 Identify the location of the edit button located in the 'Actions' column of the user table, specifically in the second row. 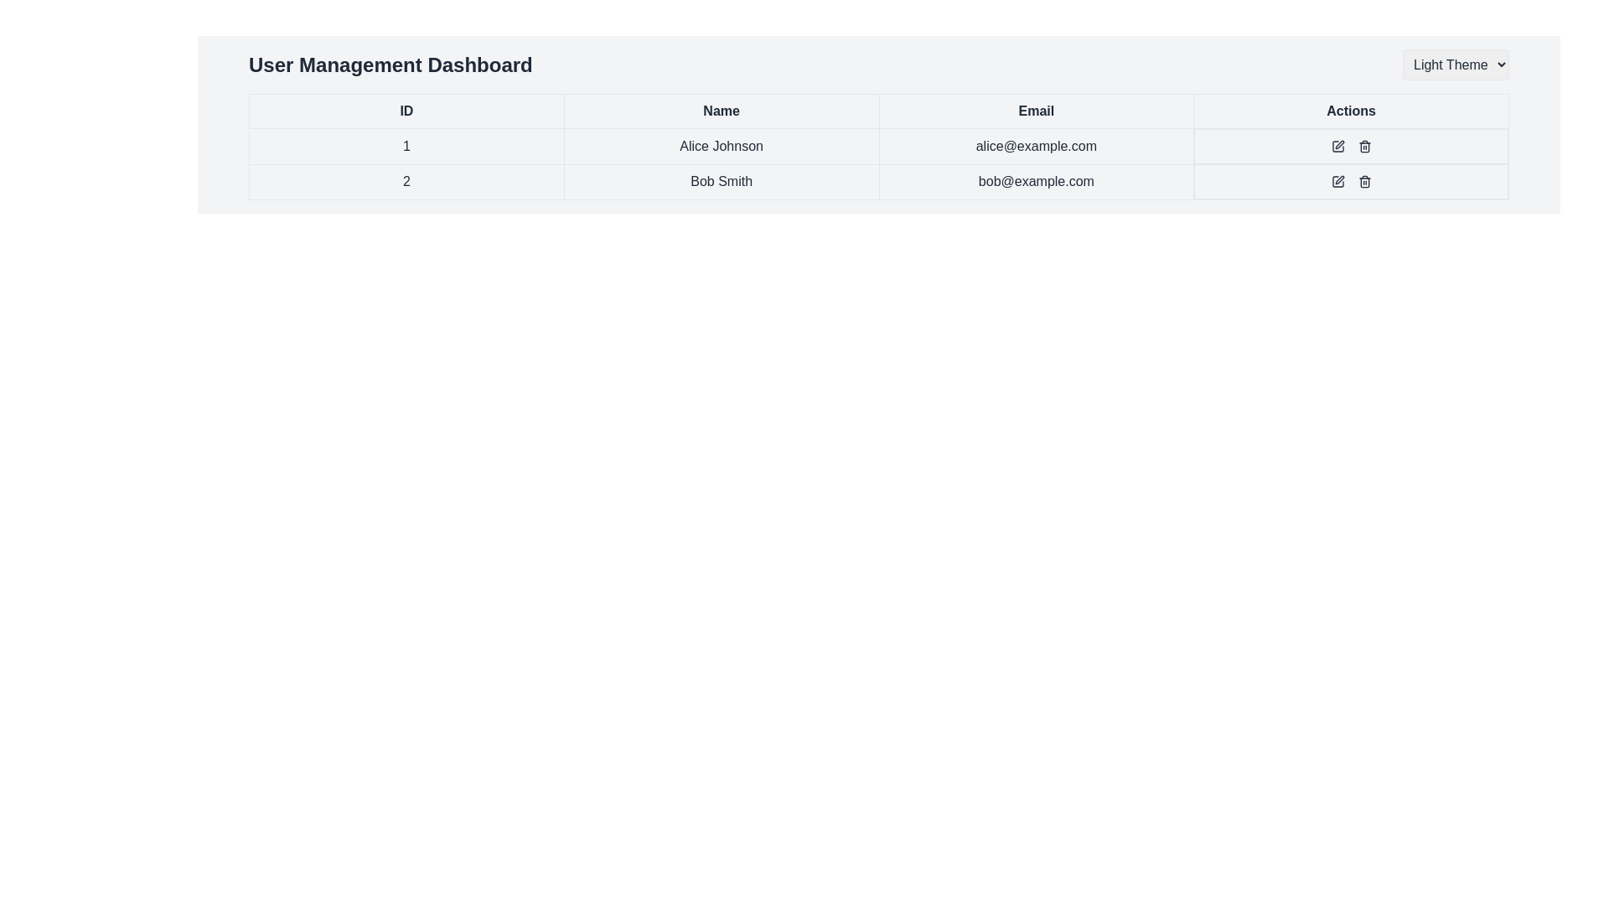
(1337, 181).